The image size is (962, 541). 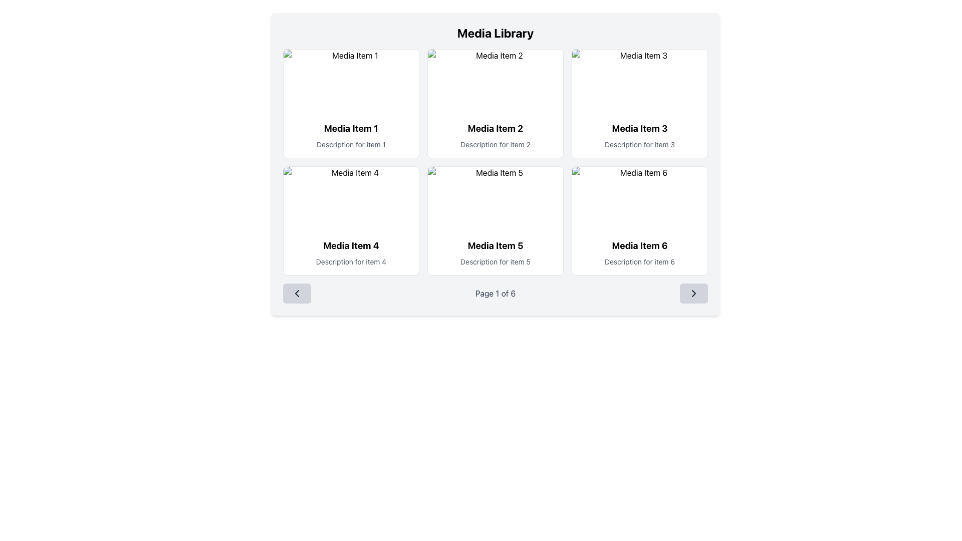 What do you see at coordinates (351, 261) in the screenshot?
I see `the text label that reads 'Description for item 4', which is styled in a small gray font and located below the title 'Media Item 4' in a white card within the 'Media Library' section` at bounding box center [351, 261].